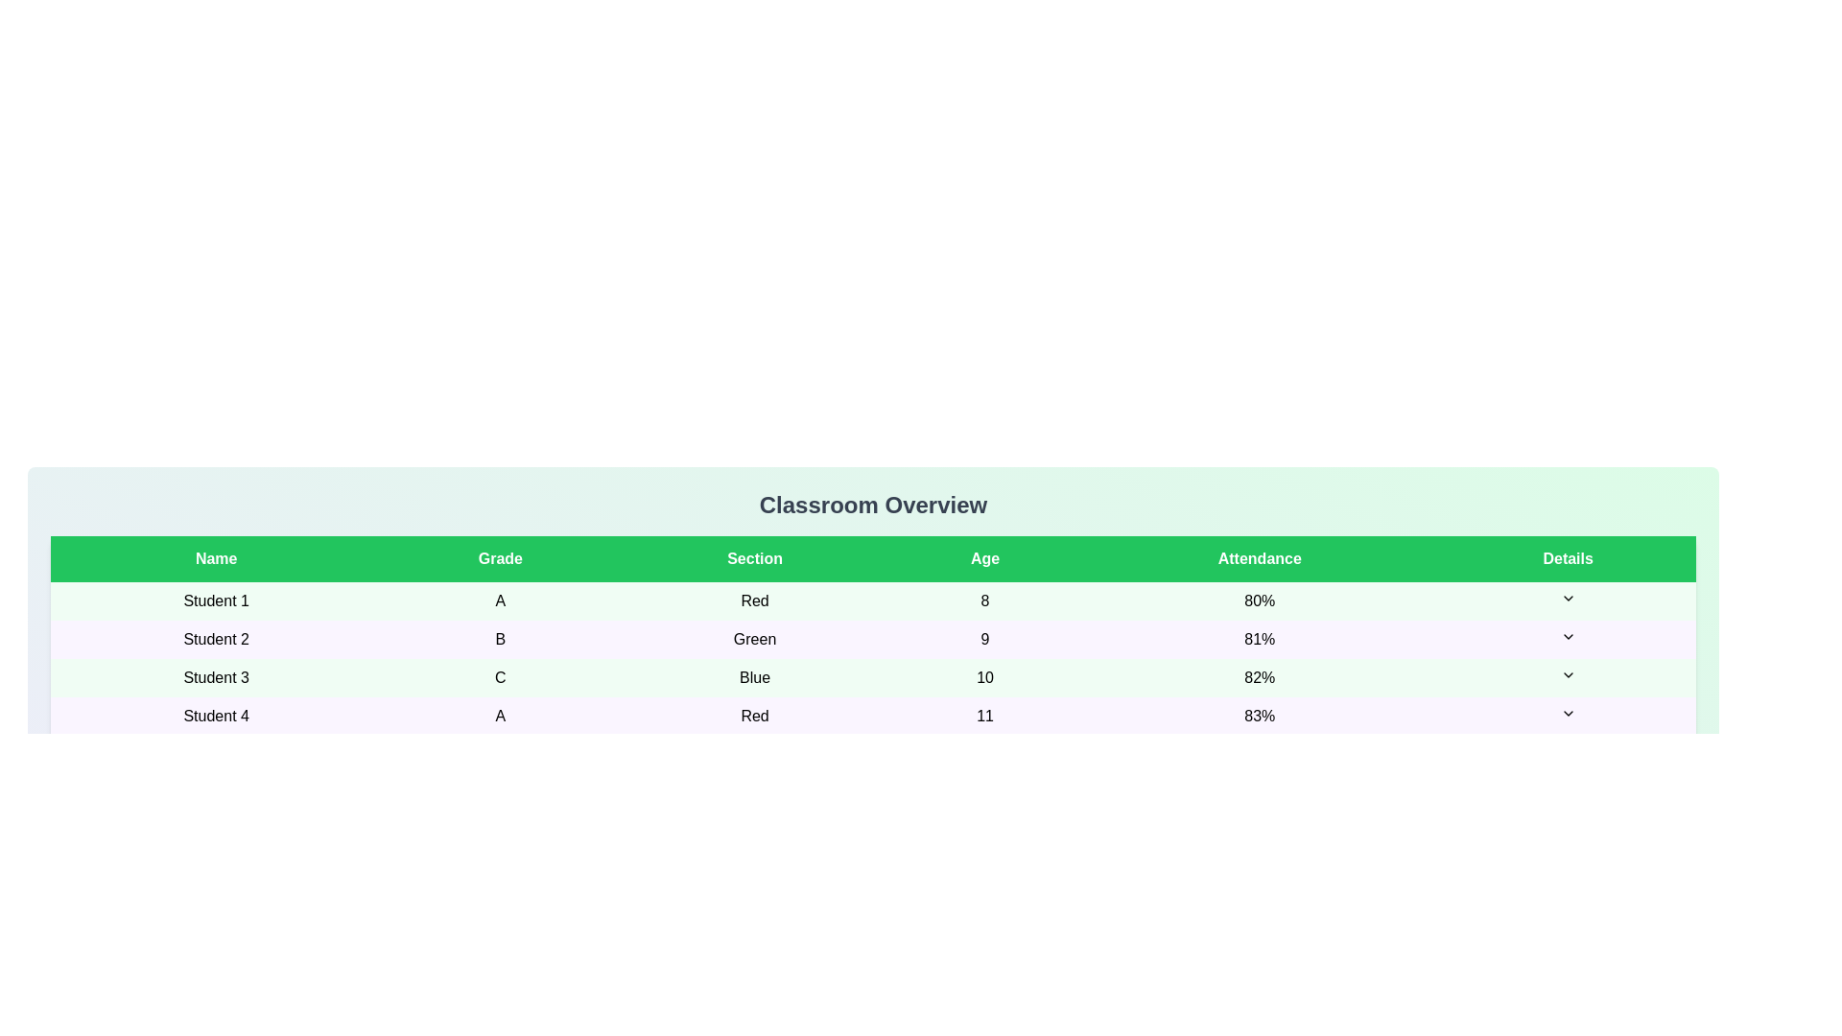 The height and width of the screenshot is (1036, 1842). What do you see at coordinates (985, 558) in the screenshot?
I see `the header Age to sort the table by that column` at bounding box center [985, 558].